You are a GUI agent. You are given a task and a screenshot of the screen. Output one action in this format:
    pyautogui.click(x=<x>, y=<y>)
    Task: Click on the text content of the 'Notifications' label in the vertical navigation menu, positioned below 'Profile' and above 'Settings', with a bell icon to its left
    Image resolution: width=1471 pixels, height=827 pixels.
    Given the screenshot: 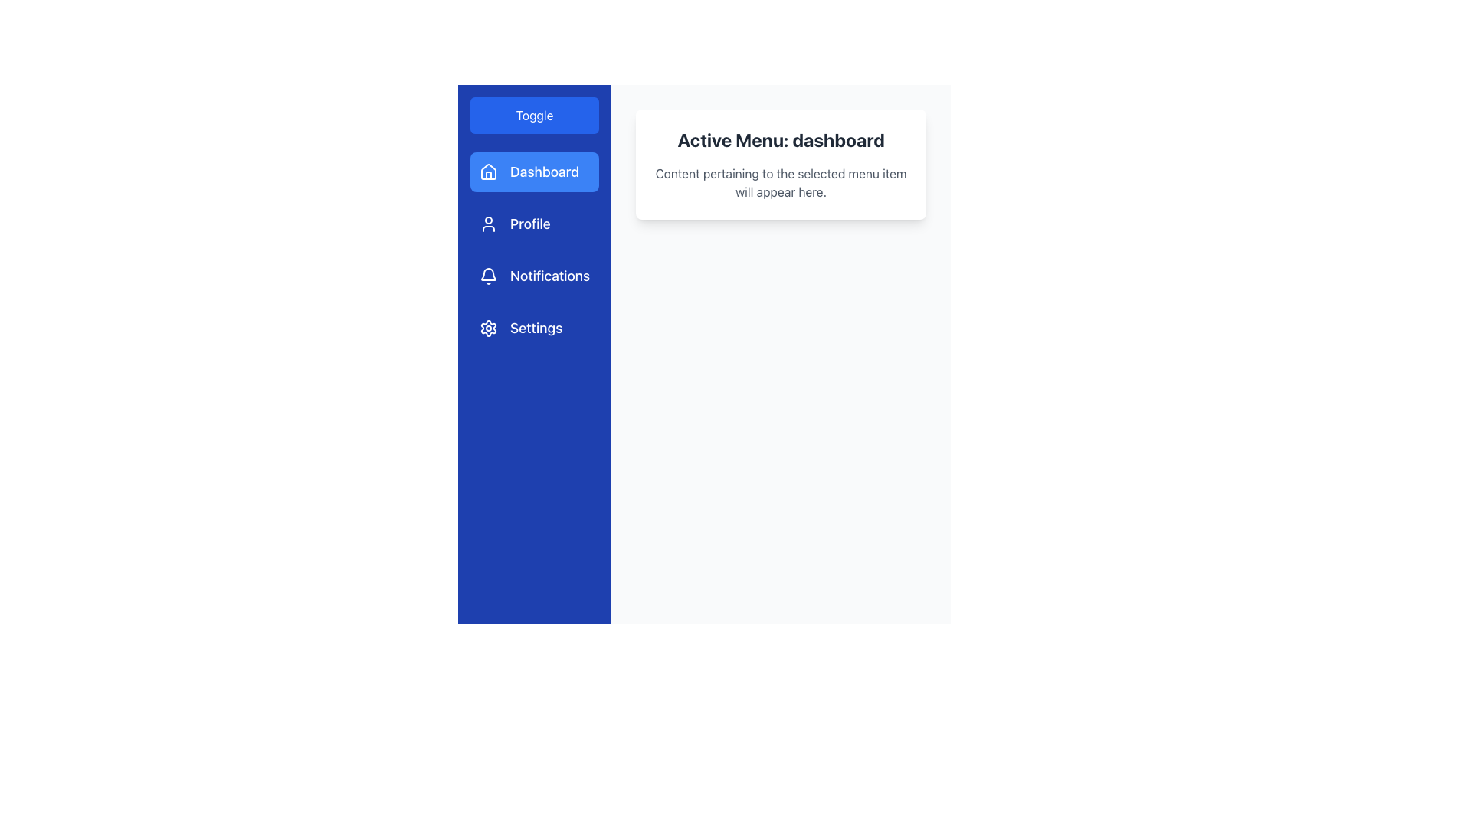 What is the action you would take?
    pyautogui.click(x=550, y=276)
    